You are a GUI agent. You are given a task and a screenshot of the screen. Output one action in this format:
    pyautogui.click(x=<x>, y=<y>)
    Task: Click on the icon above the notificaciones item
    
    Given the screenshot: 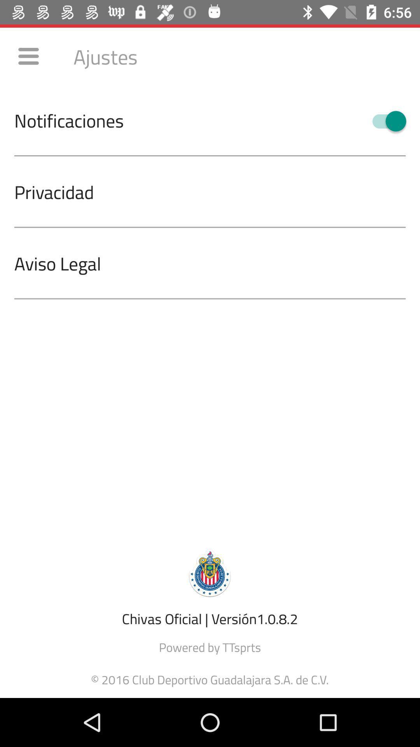 What is the action you would take?
    pyautogui.click(x=28, y=56)
    